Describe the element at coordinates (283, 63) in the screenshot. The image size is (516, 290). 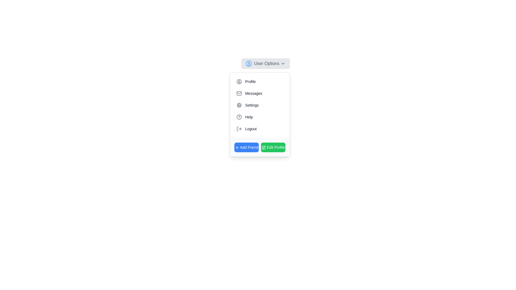
I see `the downward-facing chevron icon next to the 'User Options' text` at that location.